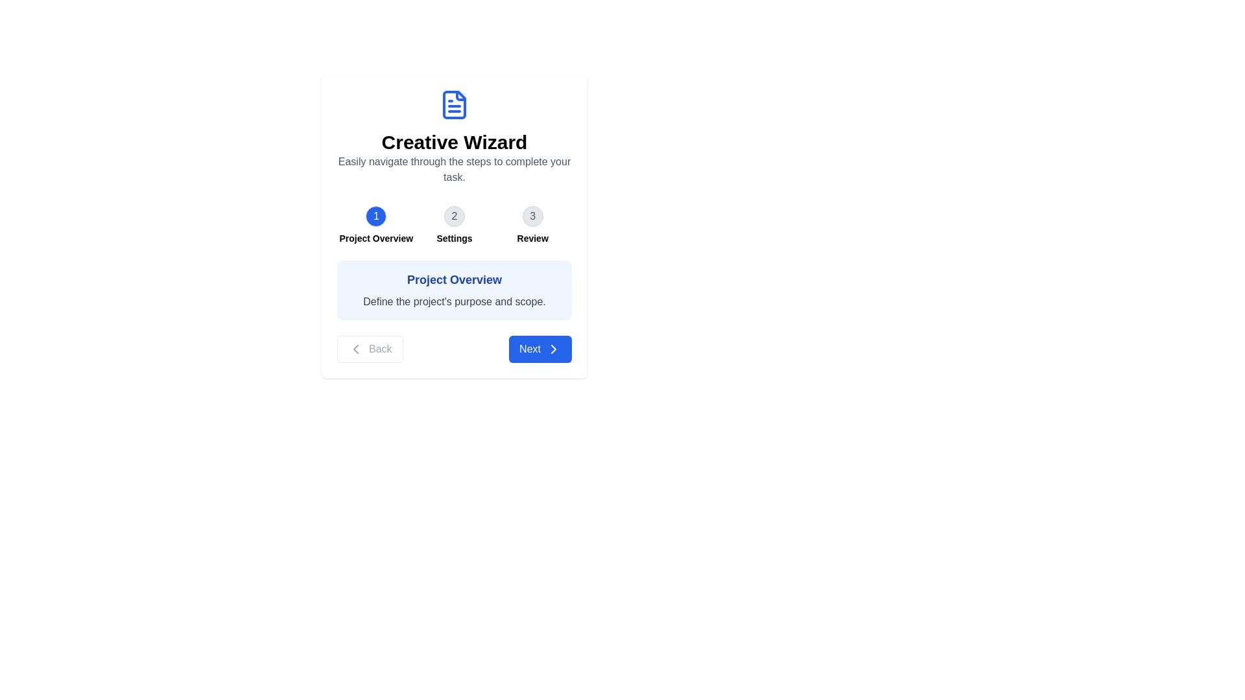  What do you see at coordinates (532, 224) in the screenshot?
I see `the third step indicator in the horizontal sequence` at bounding box center [532, 224].